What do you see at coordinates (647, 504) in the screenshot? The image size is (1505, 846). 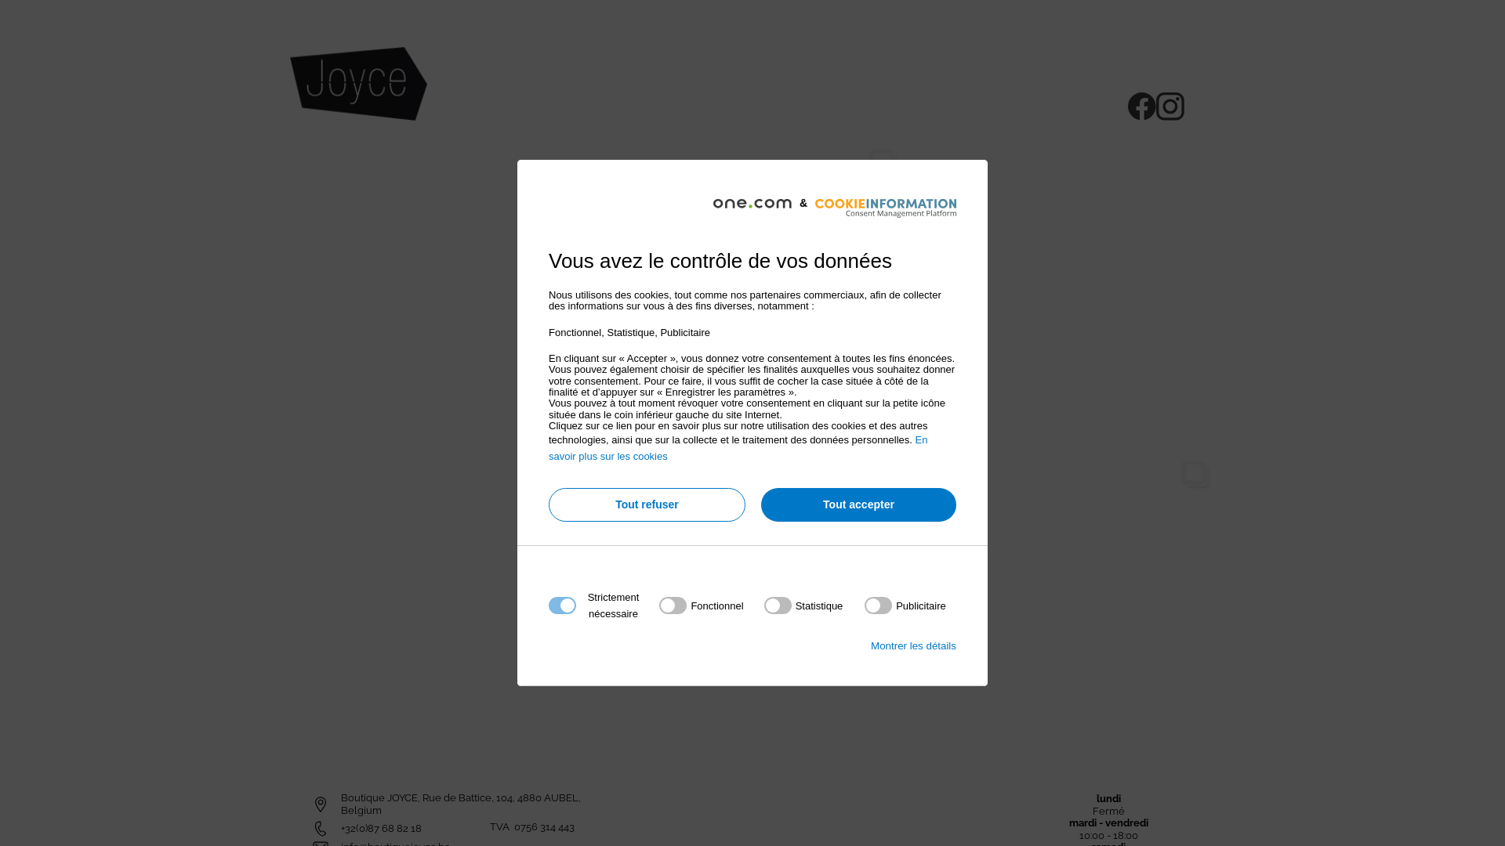 I see `'Tout refuser'` at bounding box center [647, 504].